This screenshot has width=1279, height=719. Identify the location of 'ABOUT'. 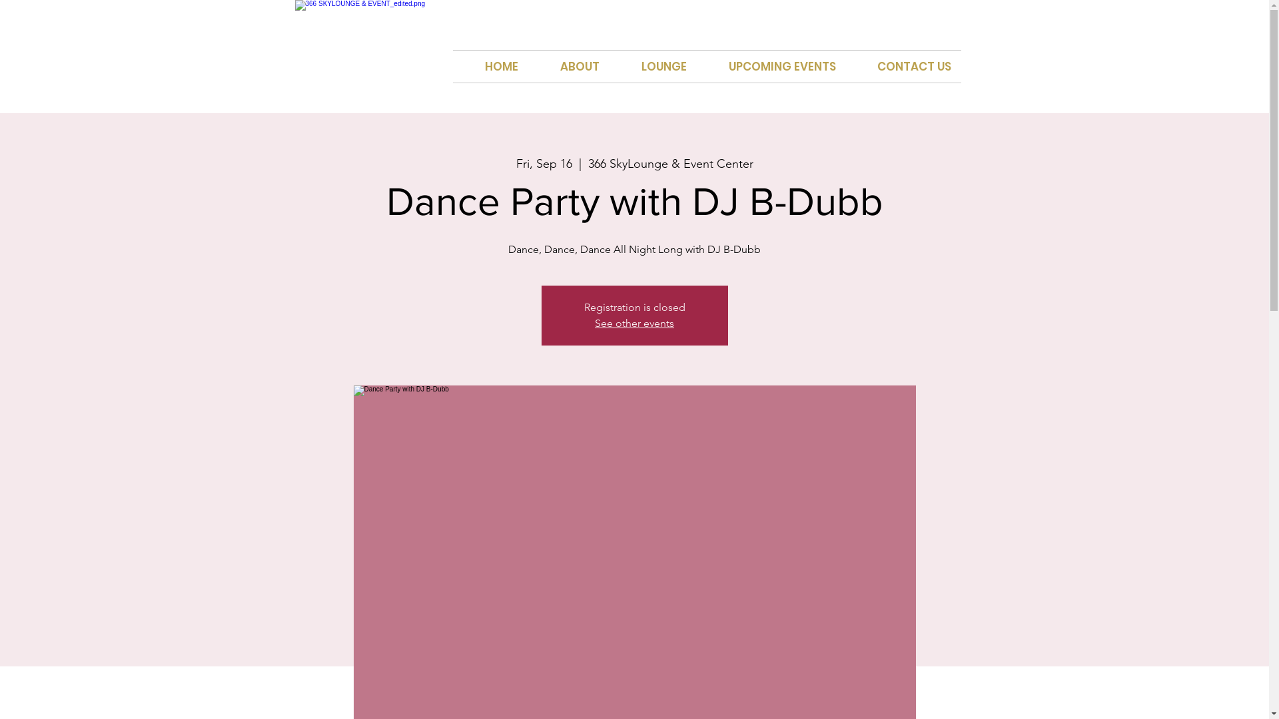
(568, 67).